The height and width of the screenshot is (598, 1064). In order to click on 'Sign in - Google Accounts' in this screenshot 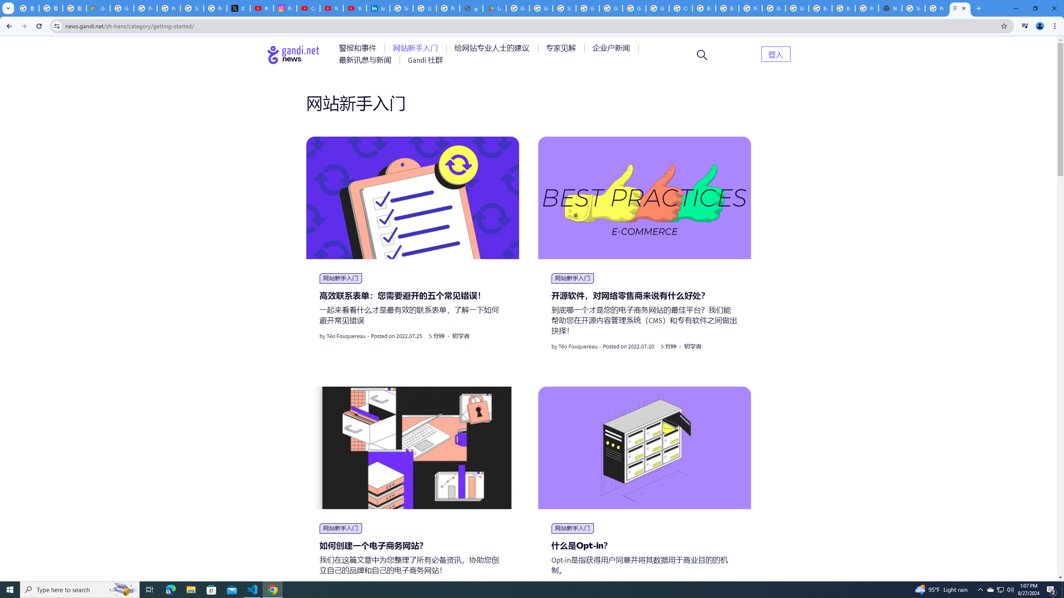, I will do `click(913, 8)`.